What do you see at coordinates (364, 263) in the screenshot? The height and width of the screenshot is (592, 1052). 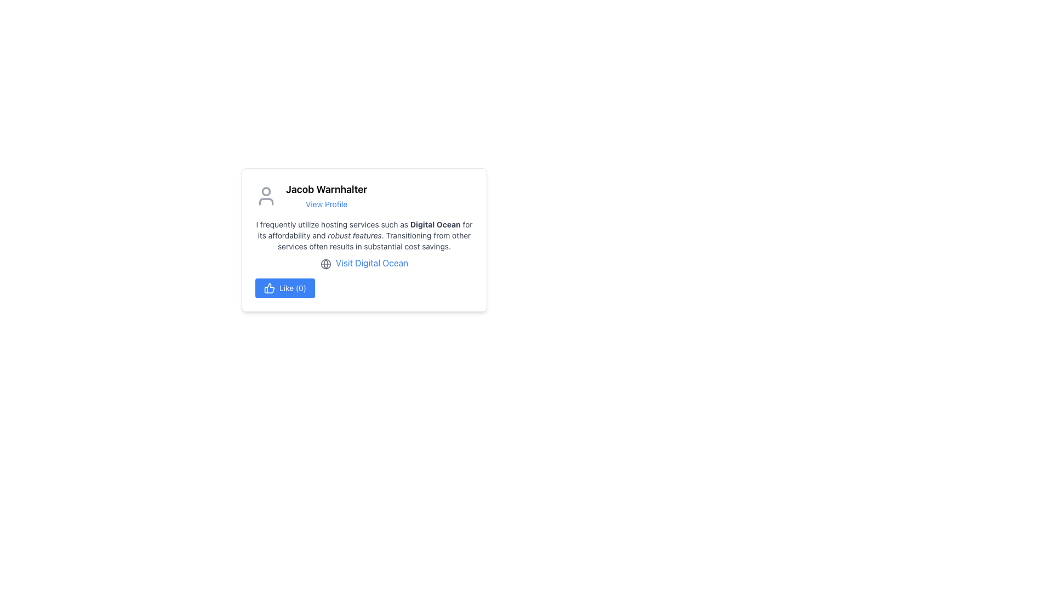 I see `the 'Visit Digital Ocean' hyperlink, which is styled in blue with an underline that appears on hover, located below the 'Jacob Warnhalter' card header and above the 'Like (0)' button` at bounding box center [364, 263].